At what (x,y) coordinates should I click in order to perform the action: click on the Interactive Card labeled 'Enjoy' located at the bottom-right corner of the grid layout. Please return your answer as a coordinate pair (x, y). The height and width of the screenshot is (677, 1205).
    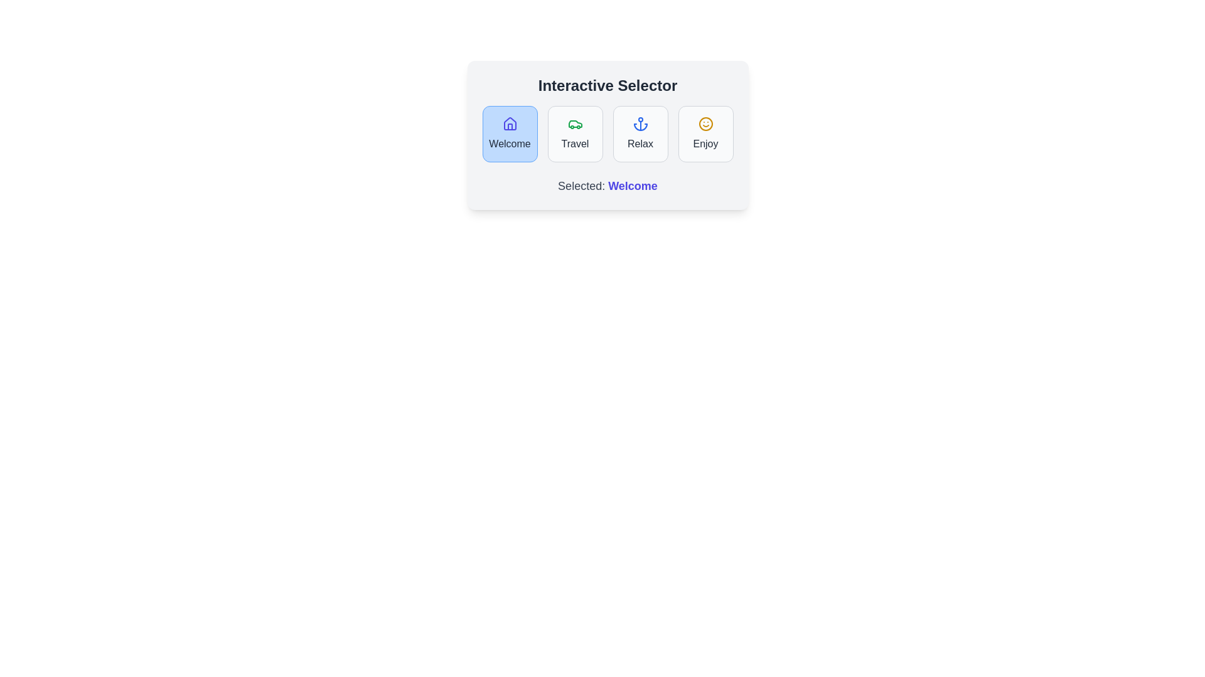
    Looking at the image, I should click on (705, 134).